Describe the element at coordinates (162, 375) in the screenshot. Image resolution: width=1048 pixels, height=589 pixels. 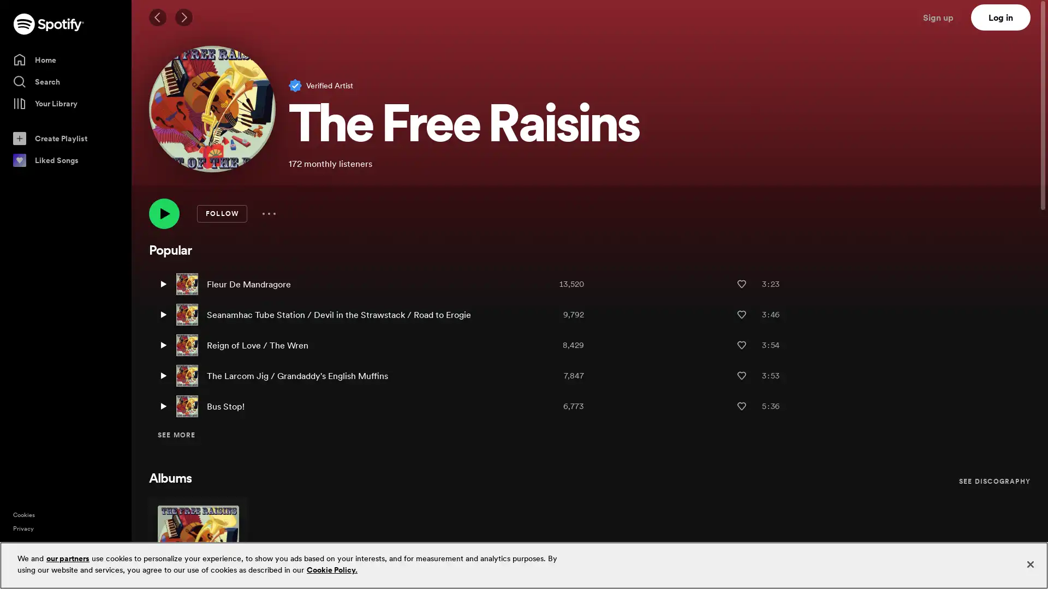
I see `Play The Larcom Jig / Grandaddy's English Muffins by The Free Raisins` at that location.